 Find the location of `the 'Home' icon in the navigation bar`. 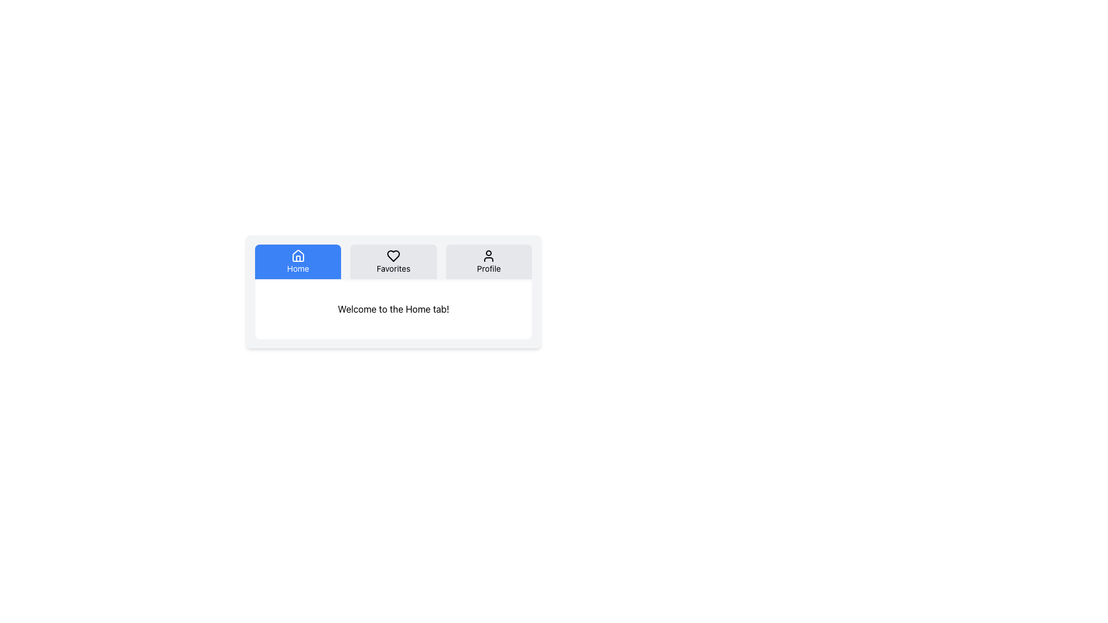

the 'Home' icon in the navigation bar is located at coordinates (298, 255).